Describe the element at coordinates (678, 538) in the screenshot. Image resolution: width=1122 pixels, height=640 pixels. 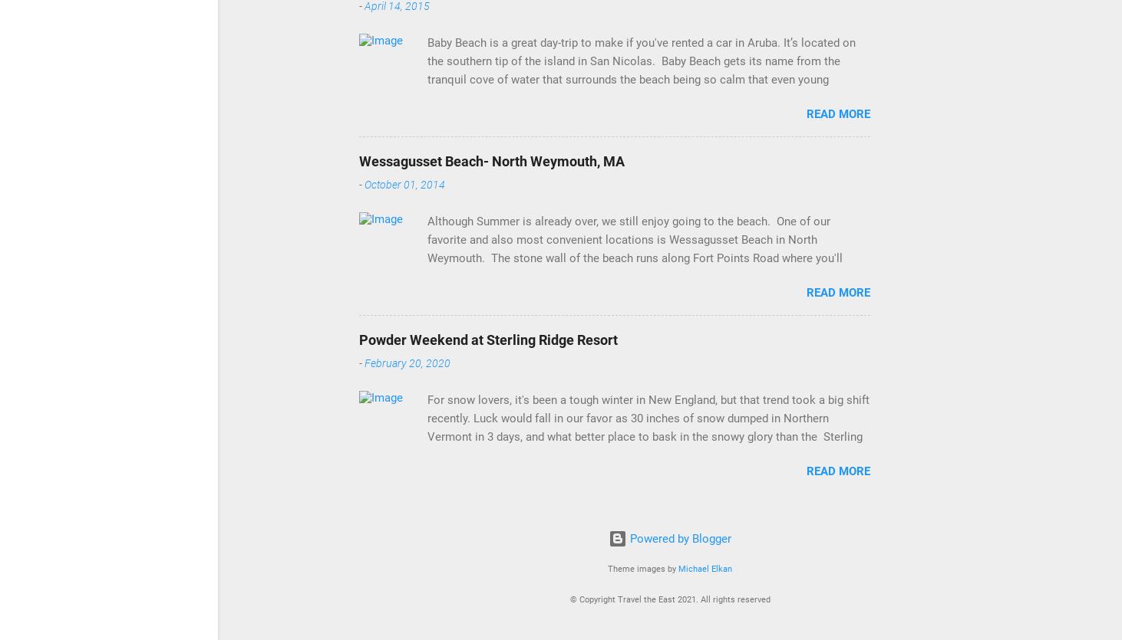
I see `'Powered by Blogger'` at that location.